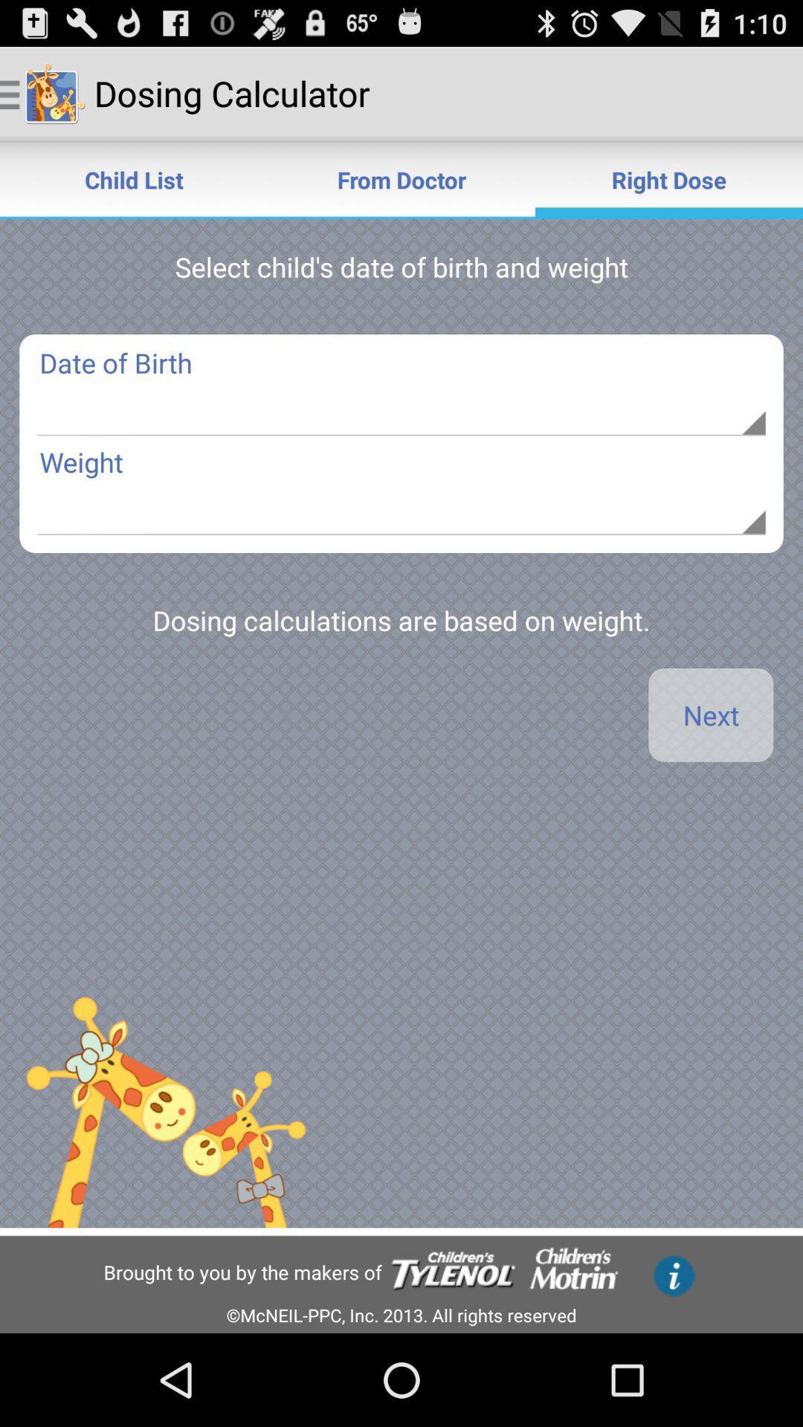 The width and height of the screenshot is (803, 1427). I want to click on the icon to the left of the right dose item, so click(401, 178).